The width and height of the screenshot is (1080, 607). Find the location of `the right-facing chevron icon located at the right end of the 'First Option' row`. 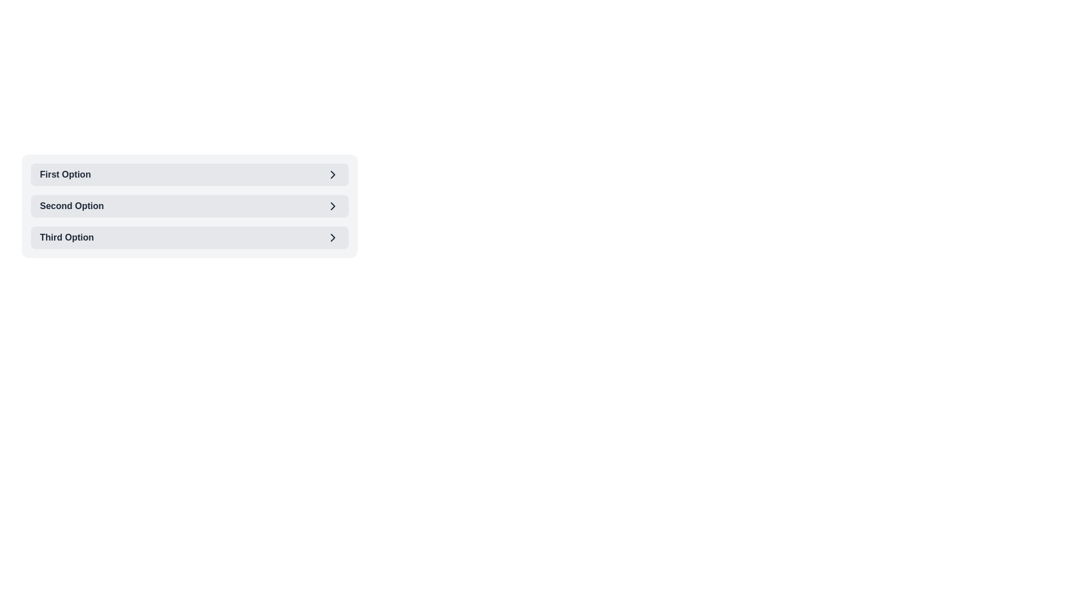

the right-facing chevron icon located at the right end of the 'First Option' row is located at coordinates (332, 175).